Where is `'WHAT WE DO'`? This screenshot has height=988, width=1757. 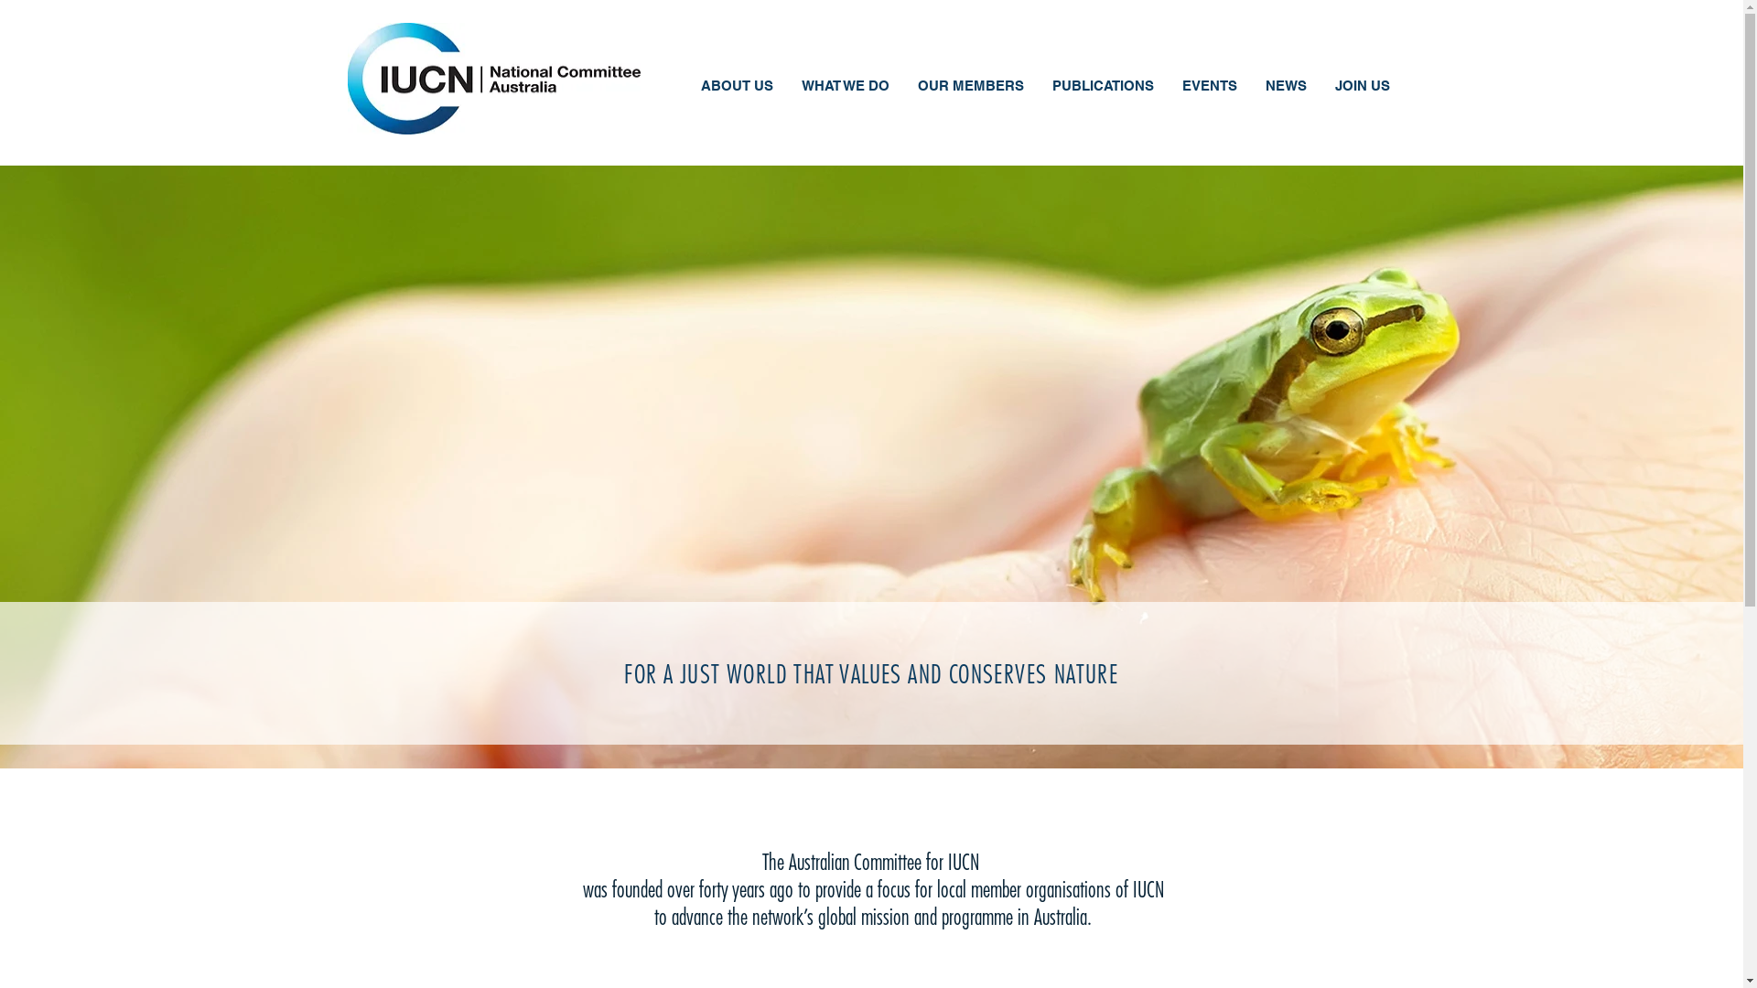
'WHAT WE DO' is located at coordinates (844, 87).